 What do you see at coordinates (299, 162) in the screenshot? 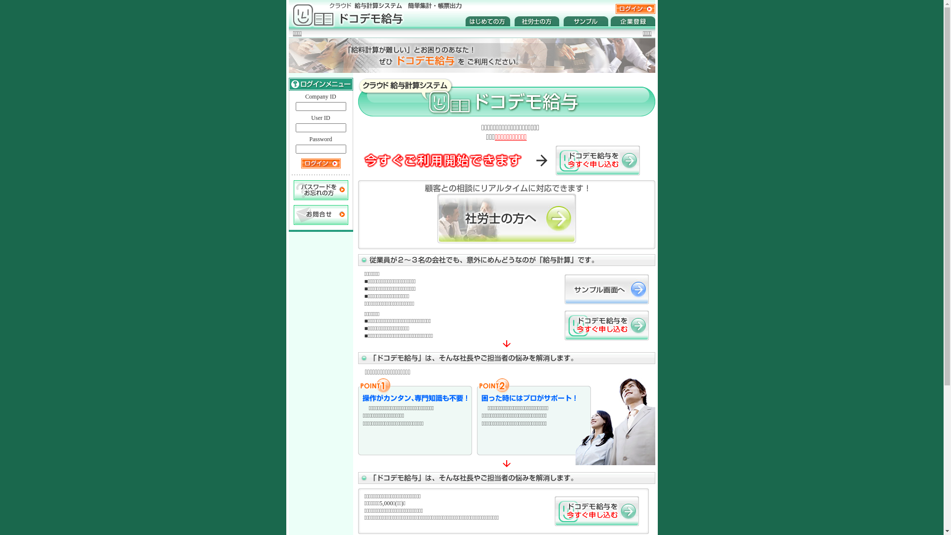
I see `'  LOGIN  '` at bounding box center [299, 162].